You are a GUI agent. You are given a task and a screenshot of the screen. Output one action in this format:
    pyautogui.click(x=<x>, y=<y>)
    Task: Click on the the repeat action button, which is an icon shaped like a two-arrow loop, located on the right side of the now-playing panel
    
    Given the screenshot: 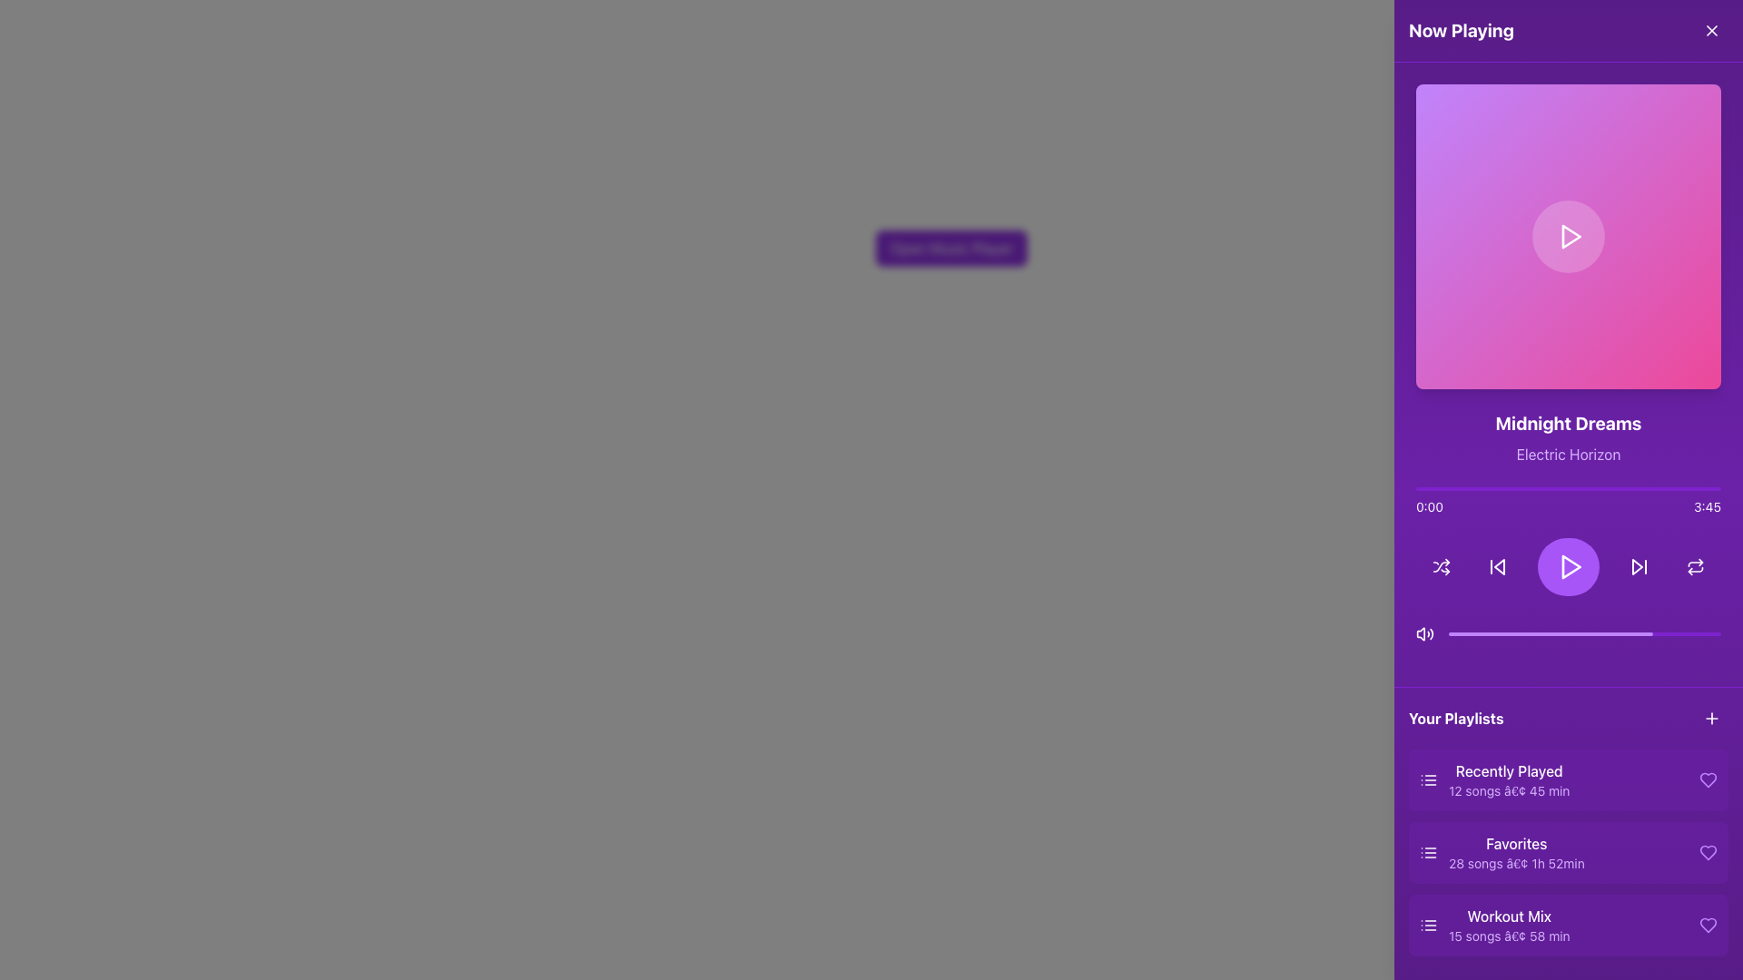 What is the action you would take?
    pyautogui.click(x=1694, y=565)
    